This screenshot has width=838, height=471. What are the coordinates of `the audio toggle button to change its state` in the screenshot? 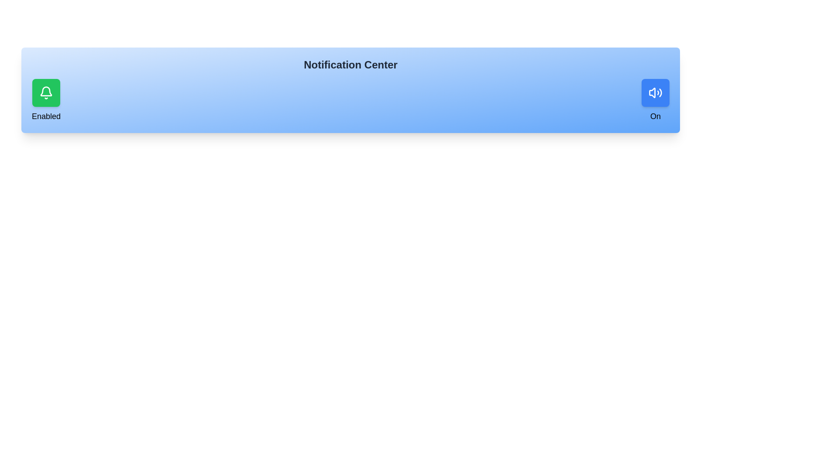 It's located at (656, 92).